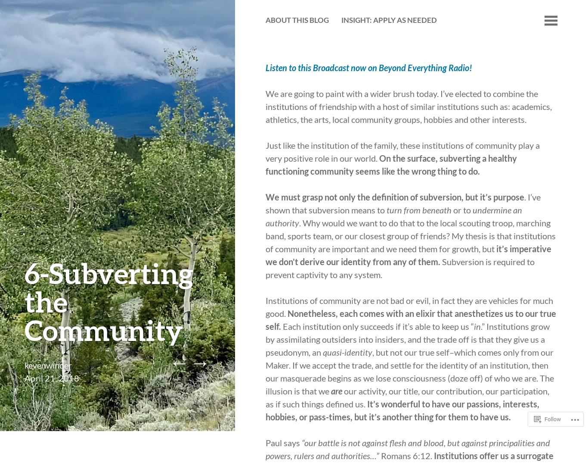 Image resolution: width=588 pixels, height=463 pixels. Describe the element at coordinates (24, 365) in the screenshot. I see `'kevenwinder'` at that location.